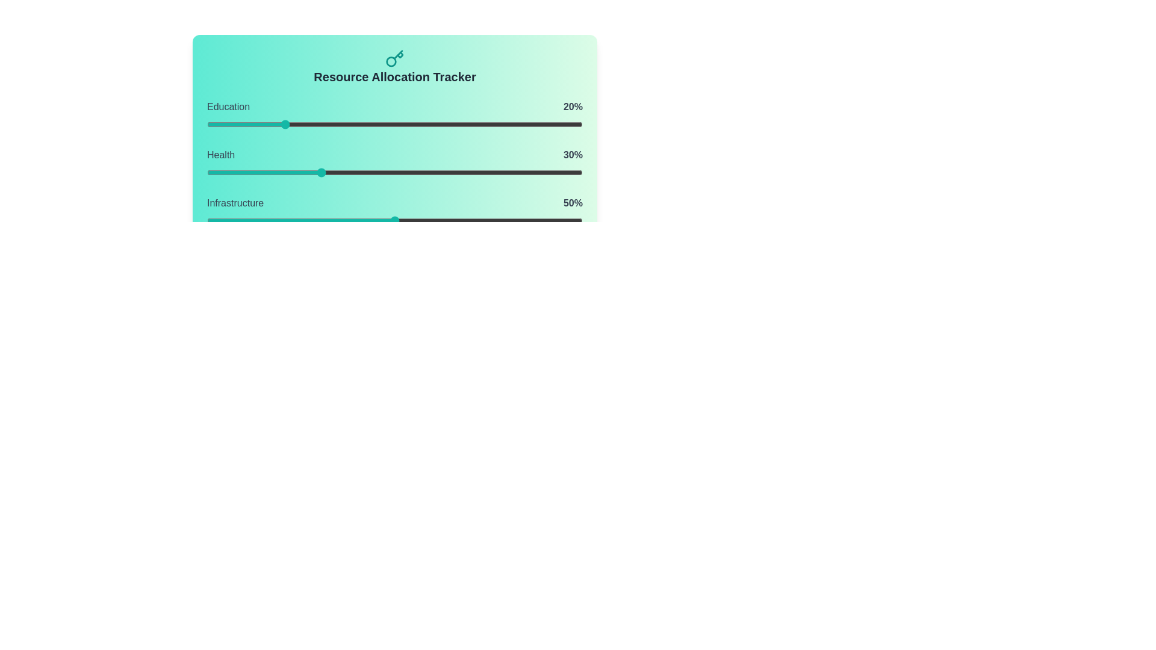 Image resolution: width=1156 pixels, height=650 pixels. I want to click on the Education slider to 34% allocation, so click(335, 125).